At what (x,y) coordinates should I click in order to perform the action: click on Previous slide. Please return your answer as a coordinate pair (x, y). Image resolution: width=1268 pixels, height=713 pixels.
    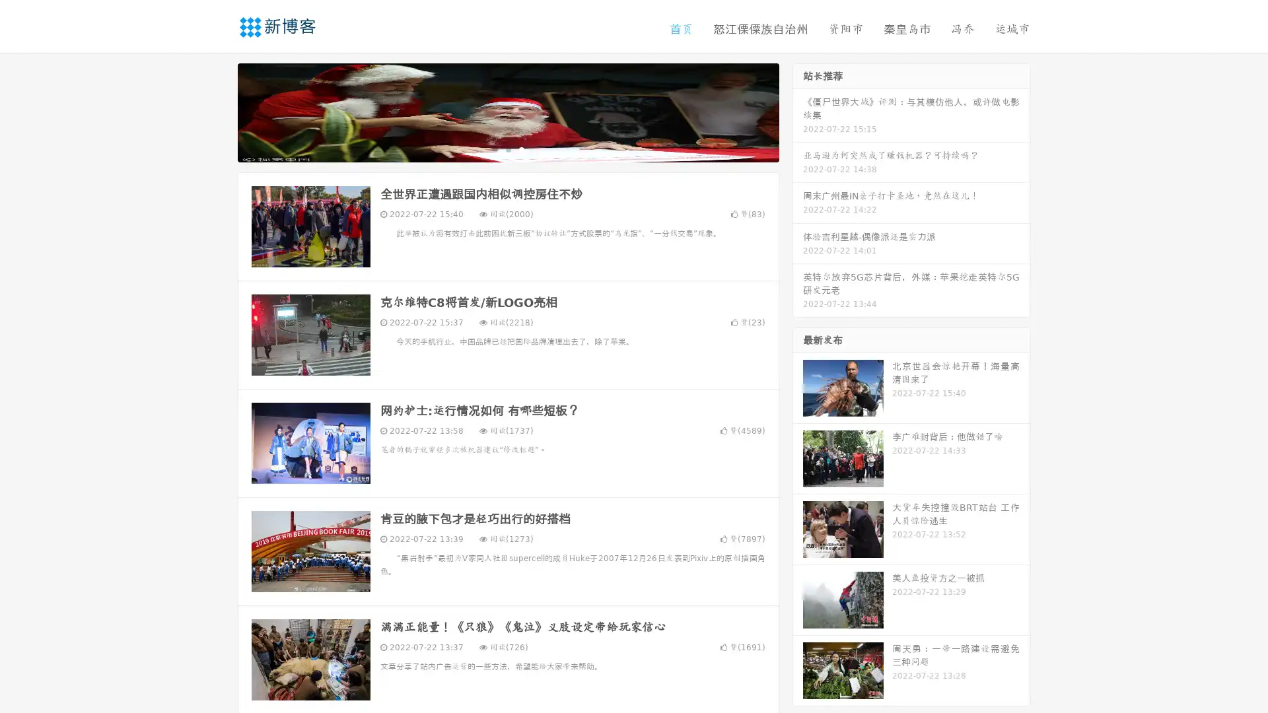
    Looking at the image, I should click on (218, 111).